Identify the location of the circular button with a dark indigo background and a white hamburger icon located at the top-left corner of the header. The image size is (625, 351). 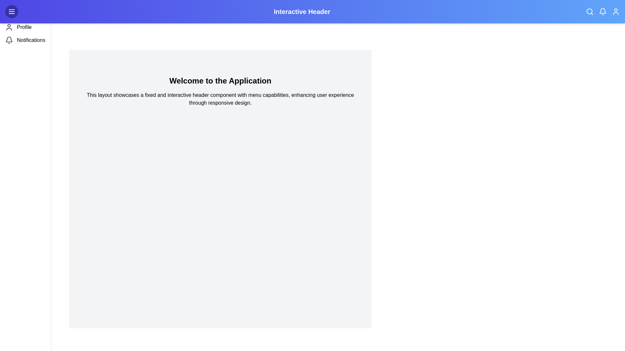
(11, 11).